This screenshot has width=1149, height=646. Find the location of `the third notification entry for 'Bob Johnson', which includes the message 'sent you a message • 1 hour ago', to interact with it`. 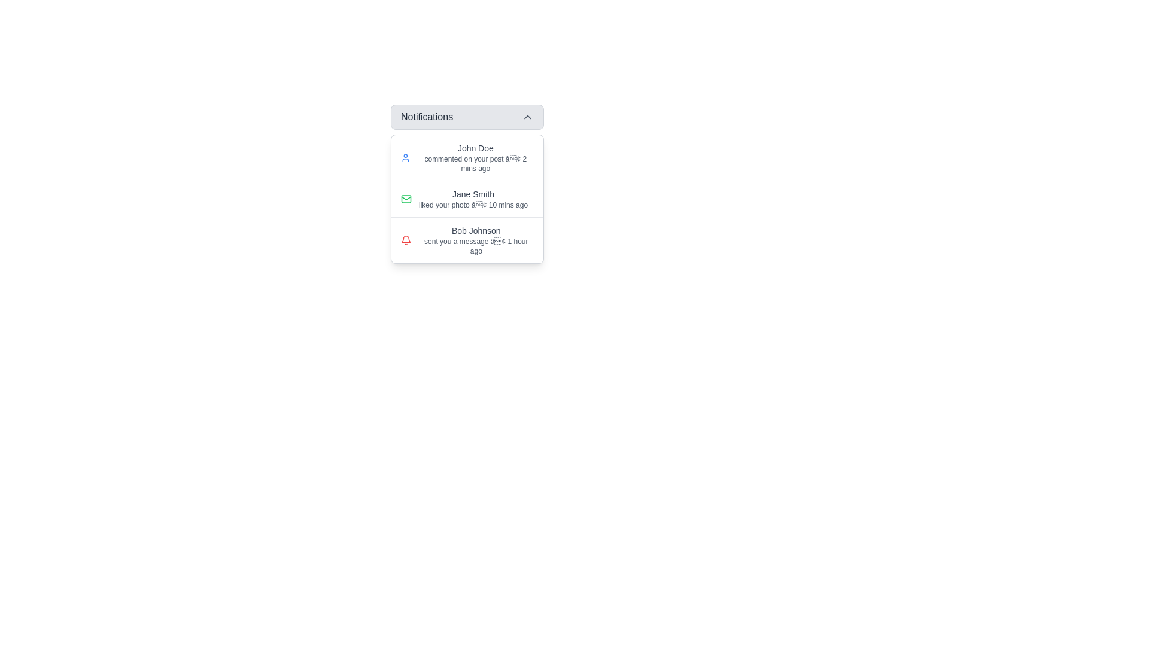

the third notification entry for 'Bob Johnson', which includes the message 'sent you a message • 1 hour ago', to interact with it is located at coordinates (475, 240).